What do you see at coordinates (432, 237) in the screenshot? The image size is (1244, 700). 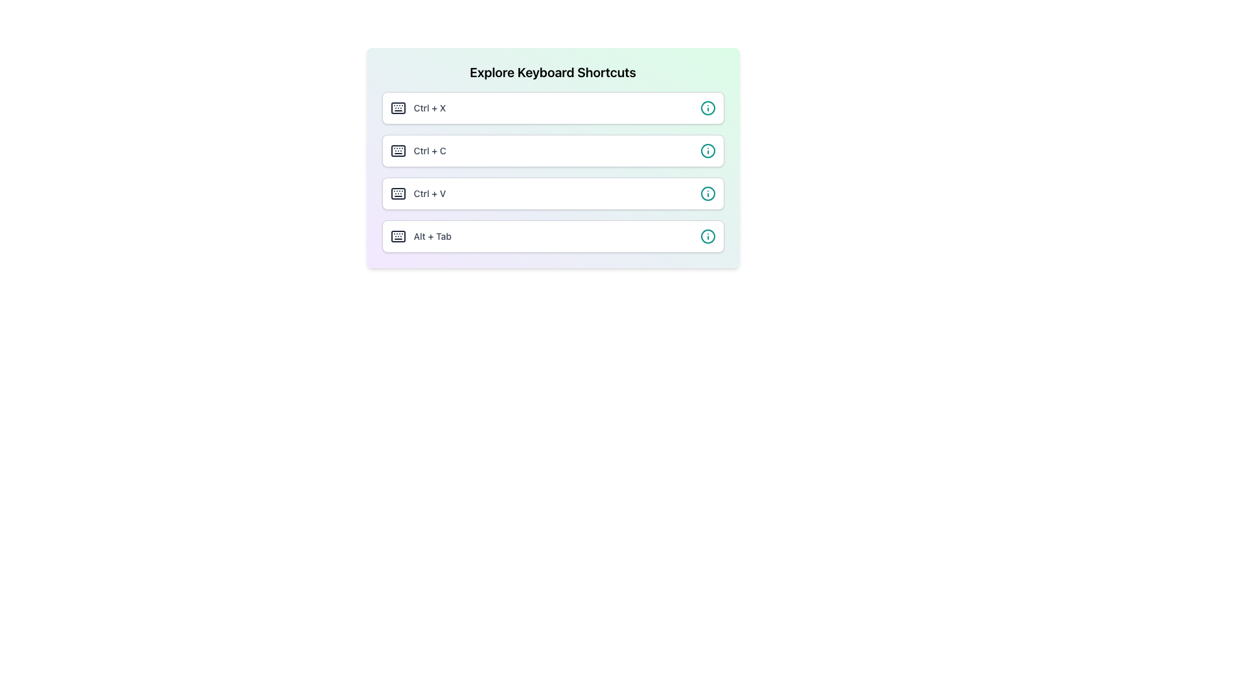 I see `the text 'Alt + Tab' which is the fourth item in a vertical list of keyboard shortcuts, styled in a small, medium-weight gray font, aligned to the left` at bounding box center [432, 237].